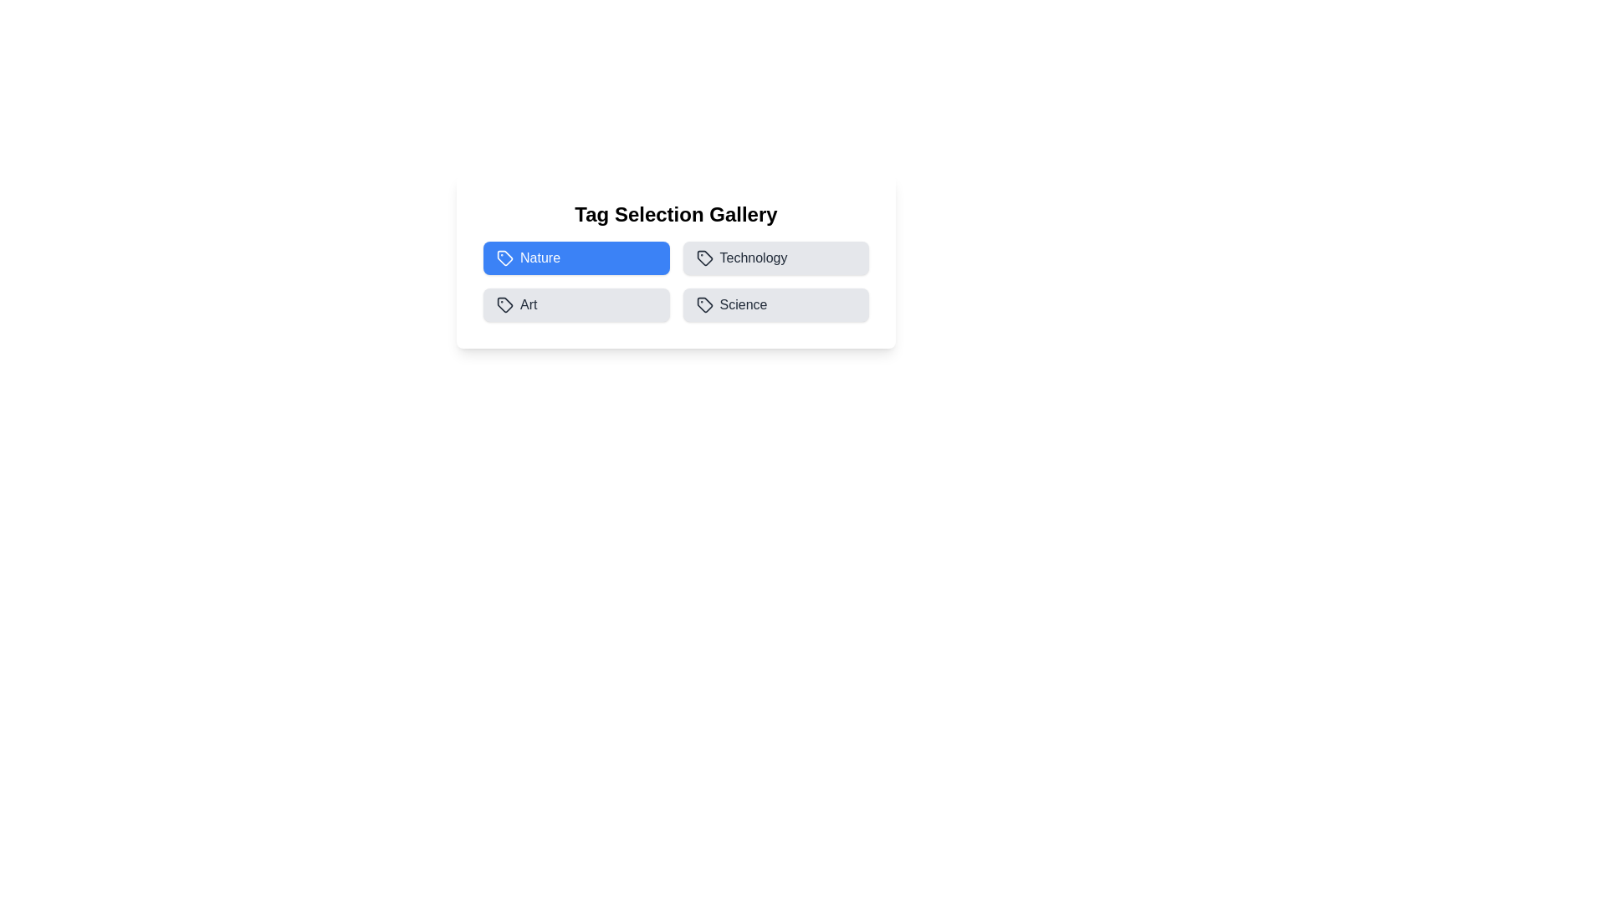  What do you see at coordinates (775, 258) in the screenshot?
I see `the tag labeled Technology` at bounding box center [775, 258].